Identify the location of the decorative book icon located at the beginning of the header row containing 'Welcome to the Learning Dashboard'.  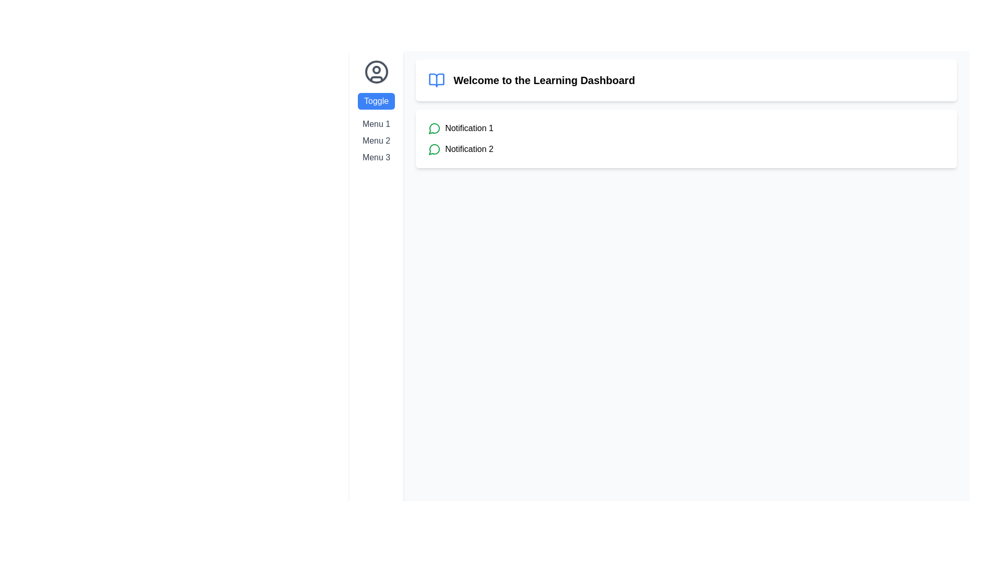
(437, 80).